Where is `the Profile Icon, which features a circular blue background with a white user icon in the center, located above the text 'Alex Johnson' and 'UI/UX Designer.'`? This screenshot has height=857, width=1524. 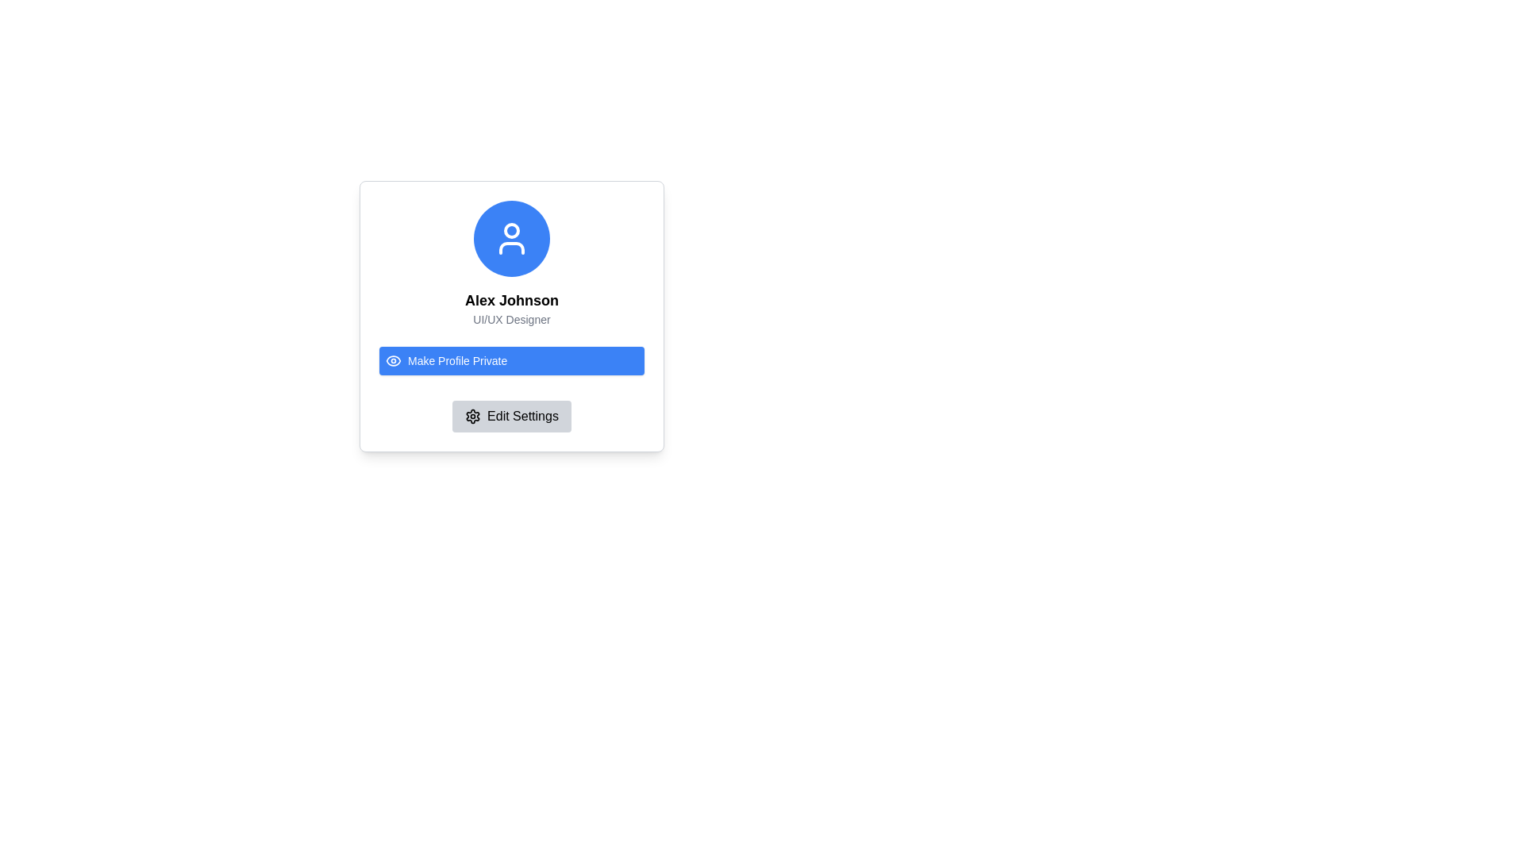
the Profile Icon, which features a circular blue background with a white user icon in the center, located above the text 'Alex Johnson' and 'UI/UX Designer.' is located at coordinates (511, 238).